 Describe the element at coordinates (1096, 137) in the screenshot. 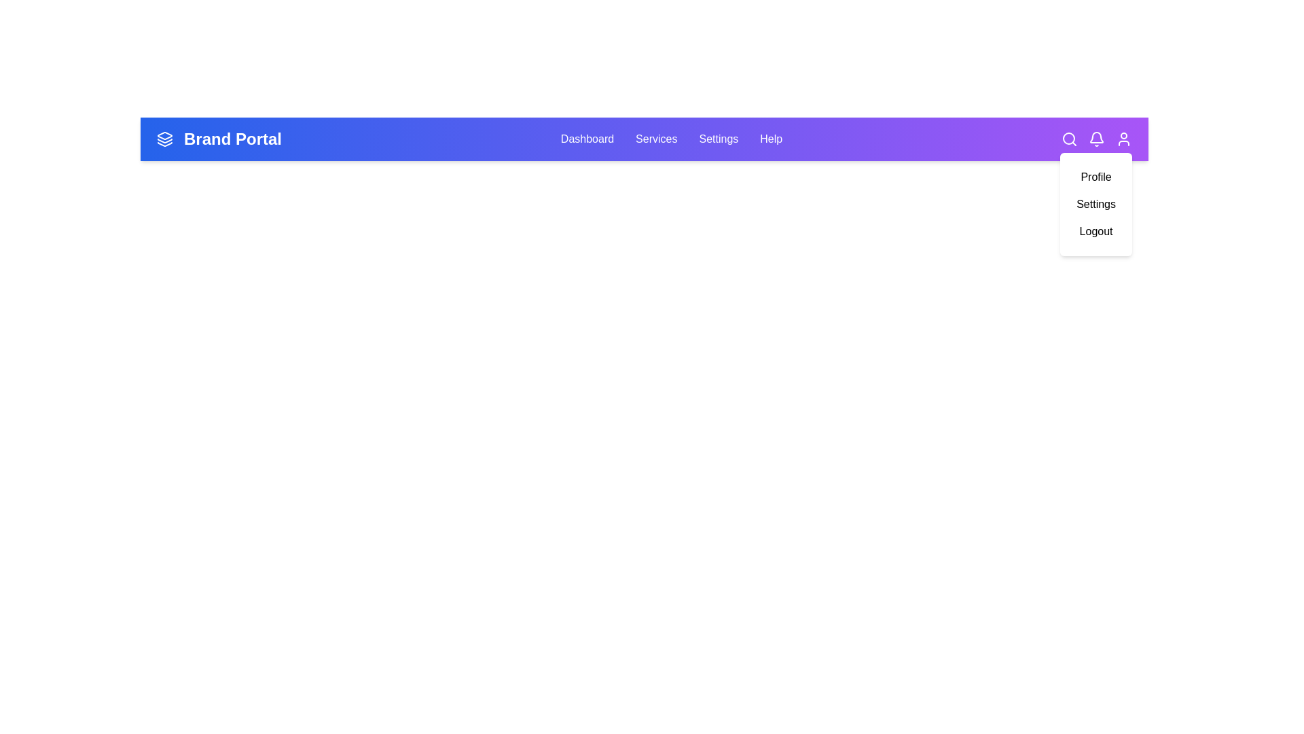

I see `the bell-shaped icon button located in the top-right corner of the navigation bar` at that location.